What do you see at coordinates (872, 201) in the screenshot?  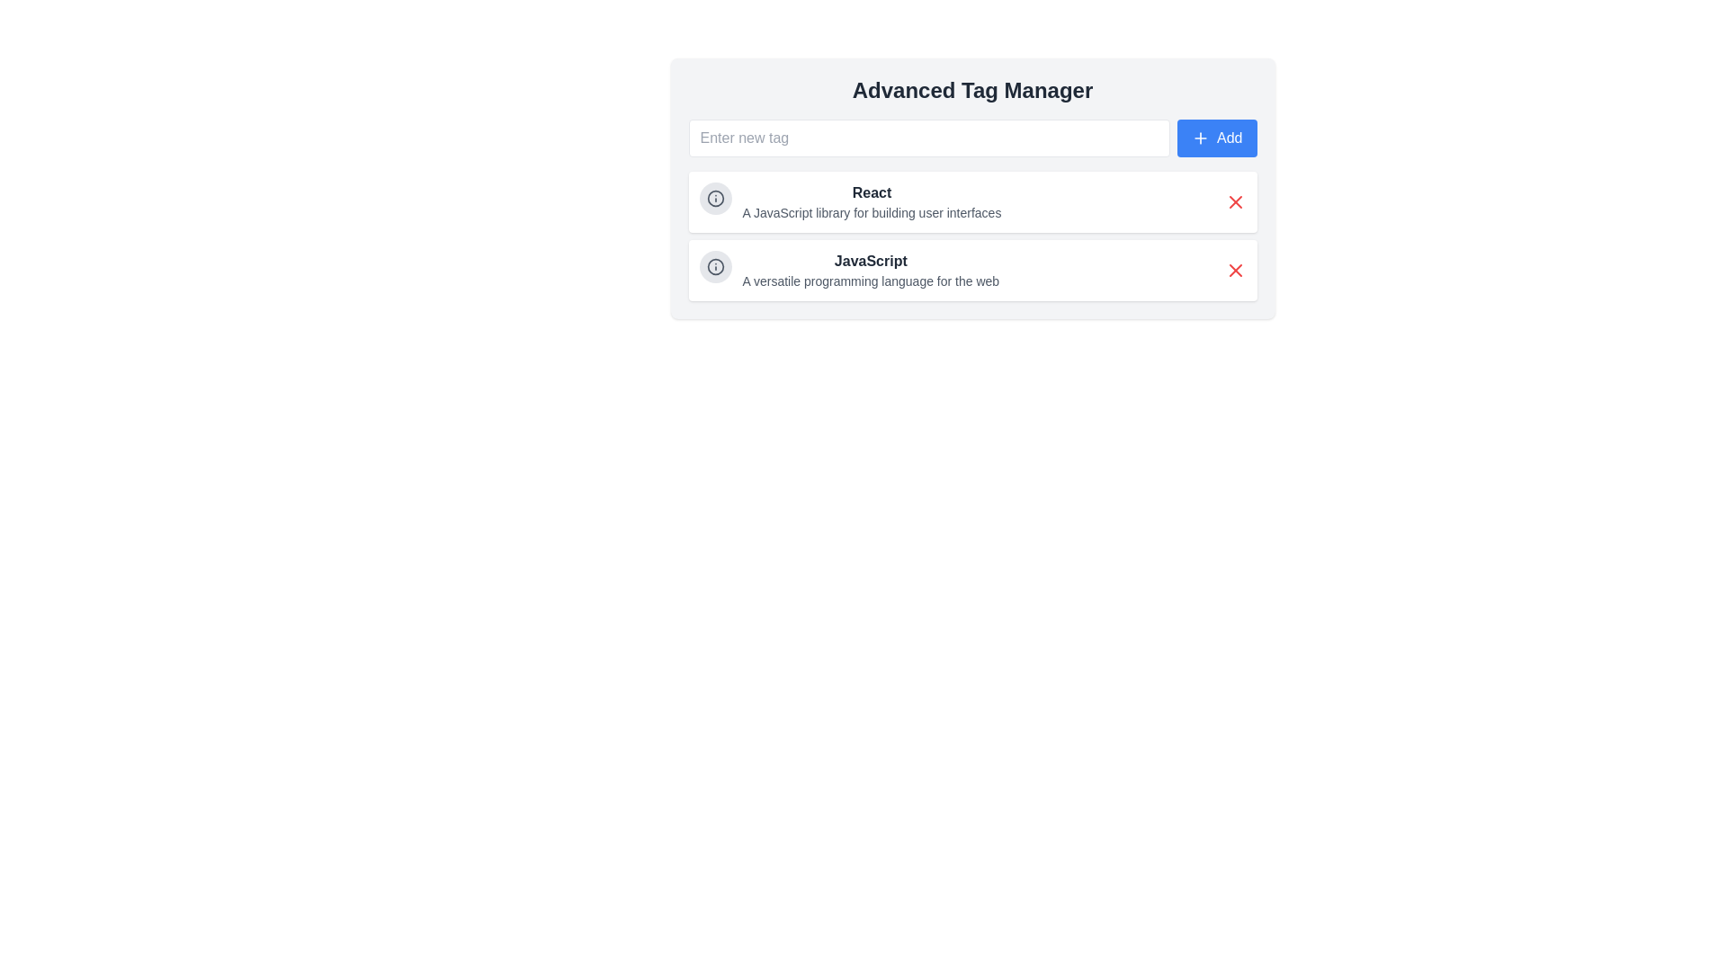 I see `the 'React' JavaScript library Text Display, which serves as a descriptive header in the central panel of the list` at bounding box center [872, 201].